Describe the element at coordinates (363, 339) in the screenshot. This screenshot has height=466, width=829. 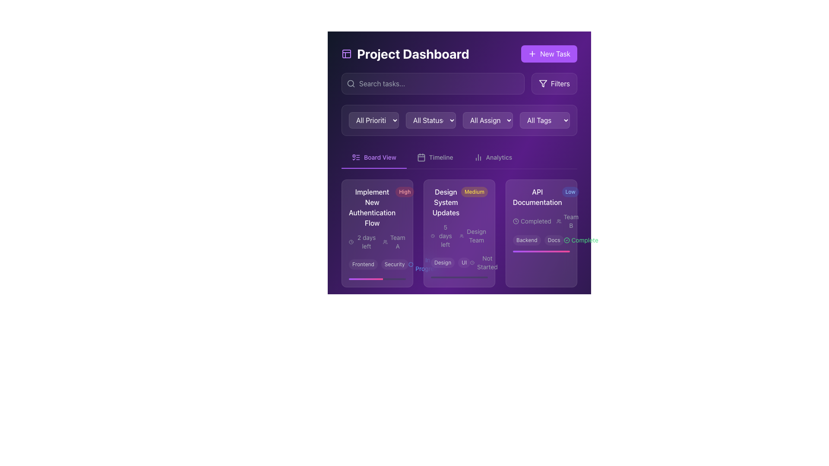
I see `the remaining time information displayed in the text label with an icon located in the second card of the top row in the project dashboard` at that location.